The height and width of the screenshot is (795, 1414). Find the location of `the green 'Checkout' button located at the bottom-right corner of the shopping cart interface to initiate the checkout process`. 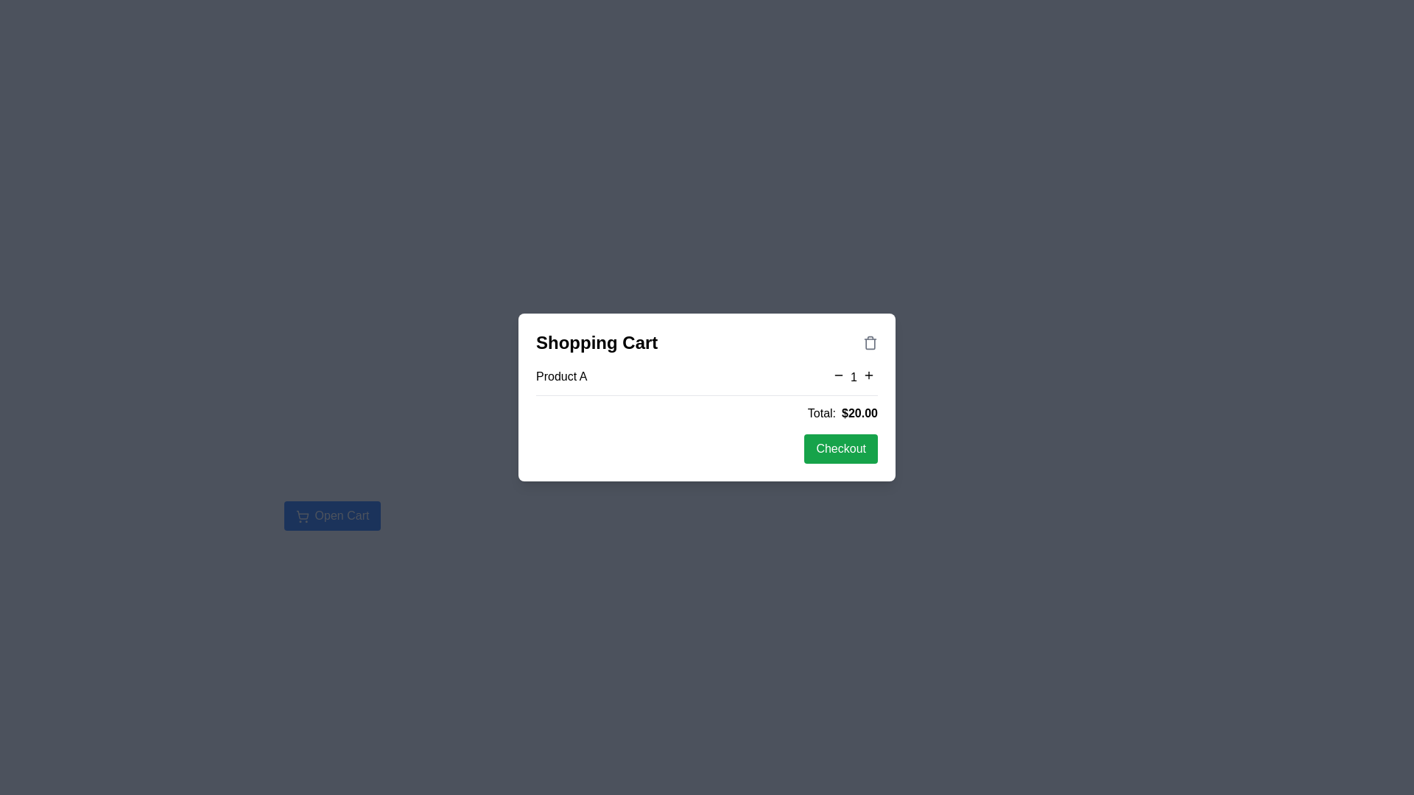

the green 'Checkout' button located at the bottom-right corner of the shopping cart interface to initiate the checkout process is located at coordinates (841, 448).